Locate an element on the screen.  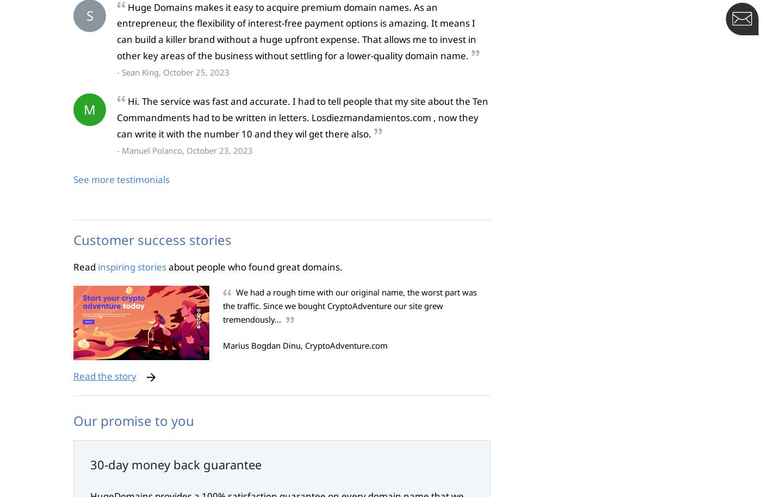
'Read the story' is located at coordinates (73, 375).